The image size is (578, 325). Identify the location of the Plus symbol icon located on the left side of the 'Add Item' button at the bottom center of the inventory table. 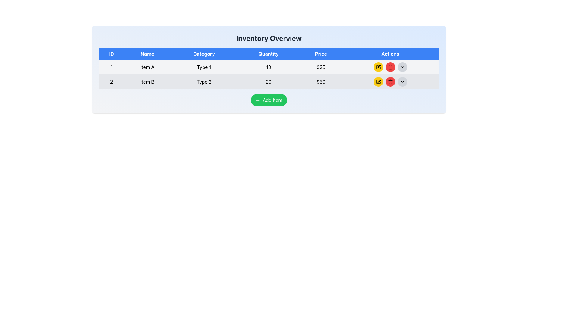
(258, 100).